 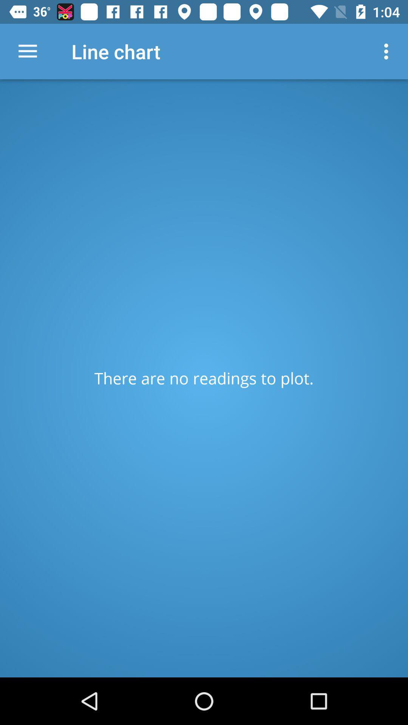 What do you see at coordinates (27, 51) in the screenshot?
I see `item next to line chart icon` at bounding box center [27, 51].